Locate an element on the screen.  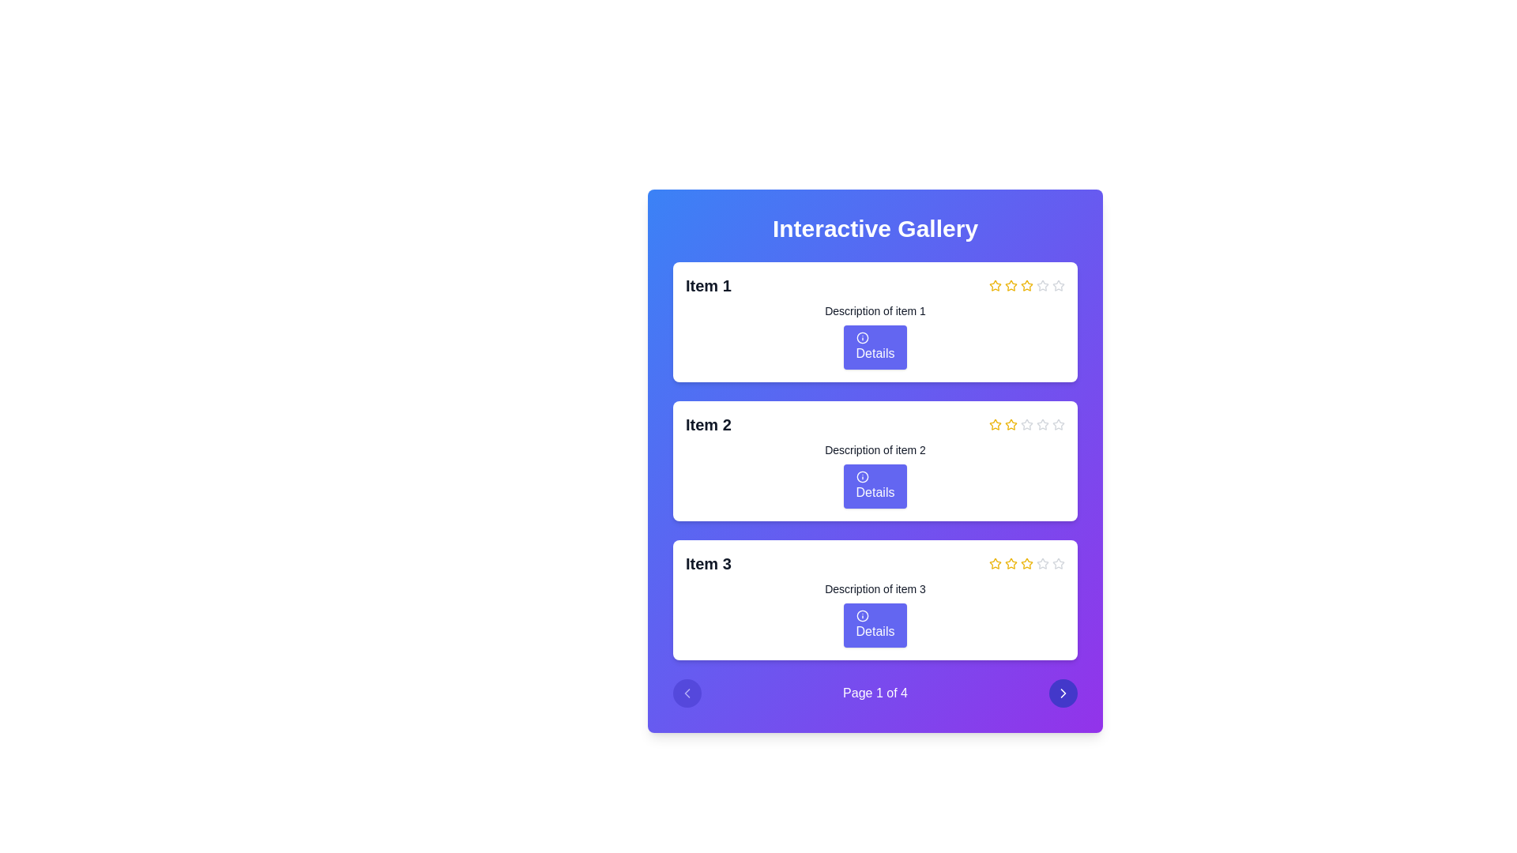
the button labeled 'Details' that contains the icon for additional information about 'Item 2' is located at coordinates (861, 476).